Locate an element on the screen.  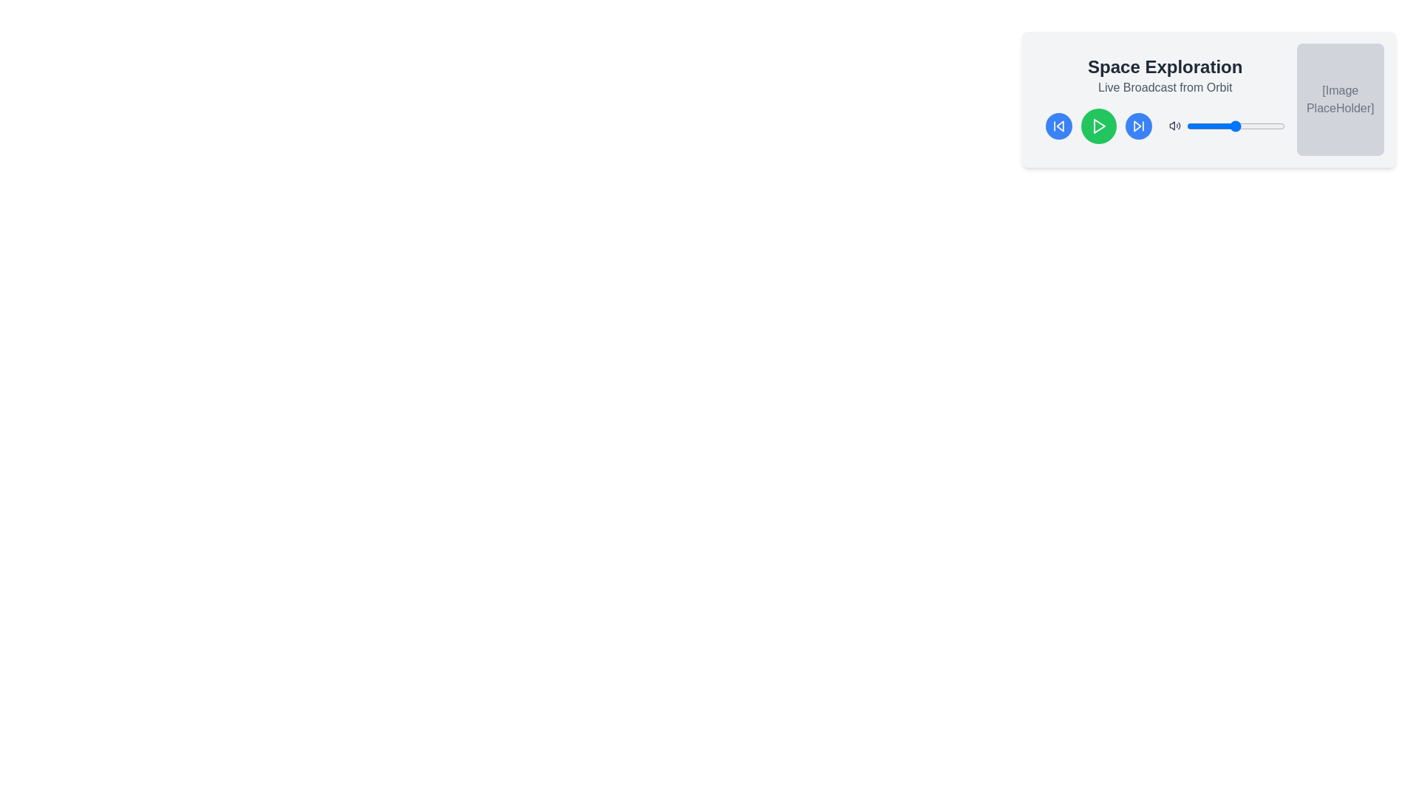
slider value is located at coordinates (1191, 125).